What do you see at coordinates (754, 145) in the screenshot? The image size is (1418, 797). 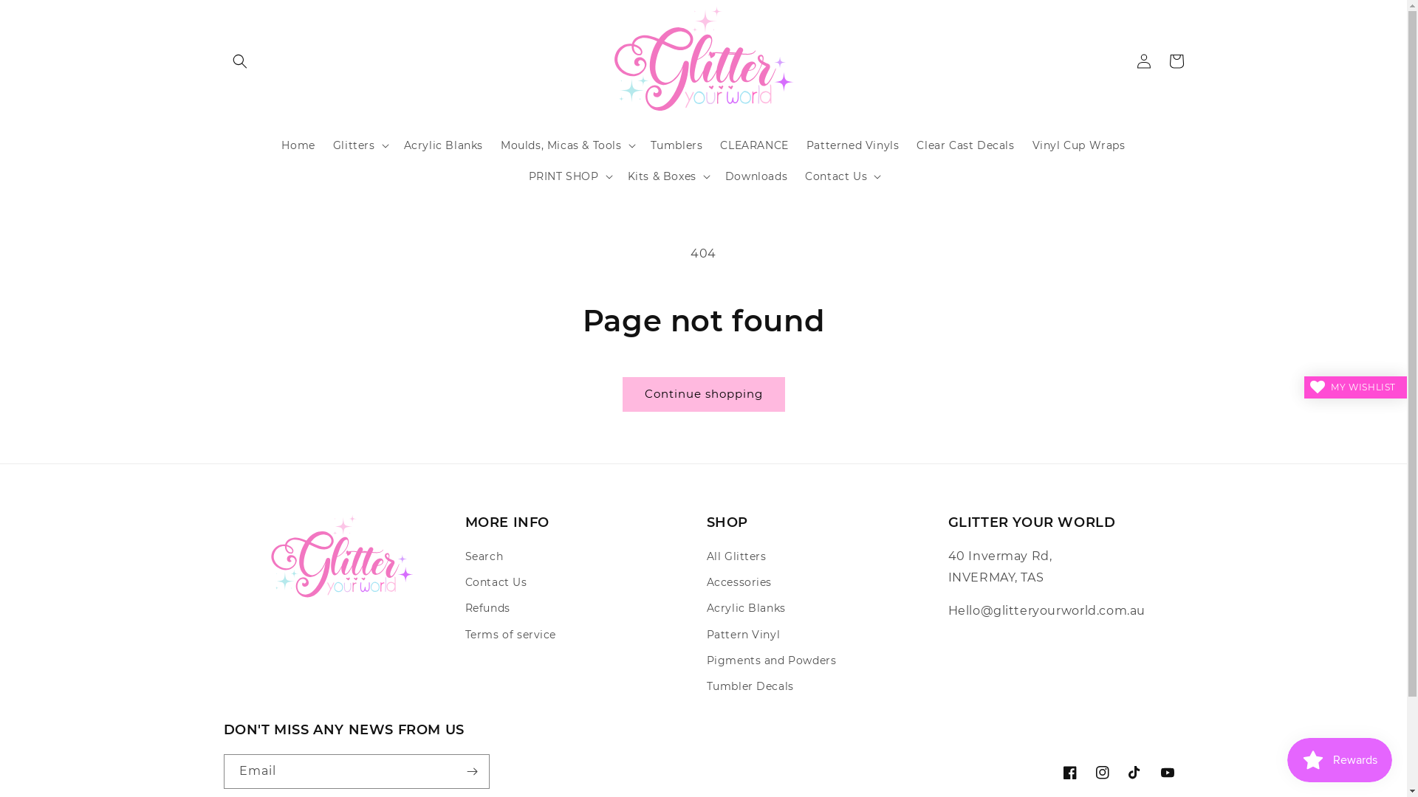 I see `'CLEARANCE'` at bounding box center [754, 145].